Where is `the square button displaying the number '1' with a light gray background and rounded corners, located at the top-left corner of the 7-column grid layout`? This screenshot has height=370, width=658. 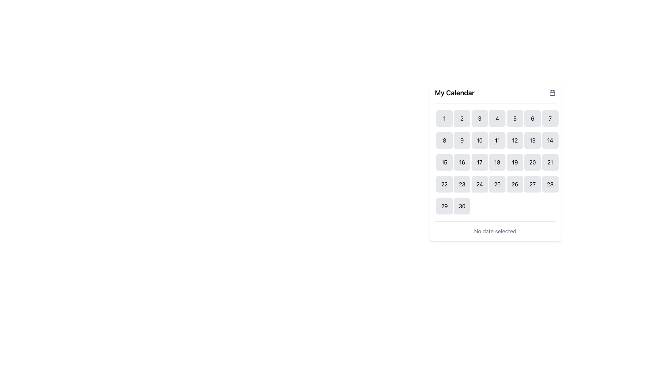
the square button displaying the number '1' with a light gray background and rounded corners, located at the top-left corner of the 7-column grid layout is located at coordinates (444, 118).